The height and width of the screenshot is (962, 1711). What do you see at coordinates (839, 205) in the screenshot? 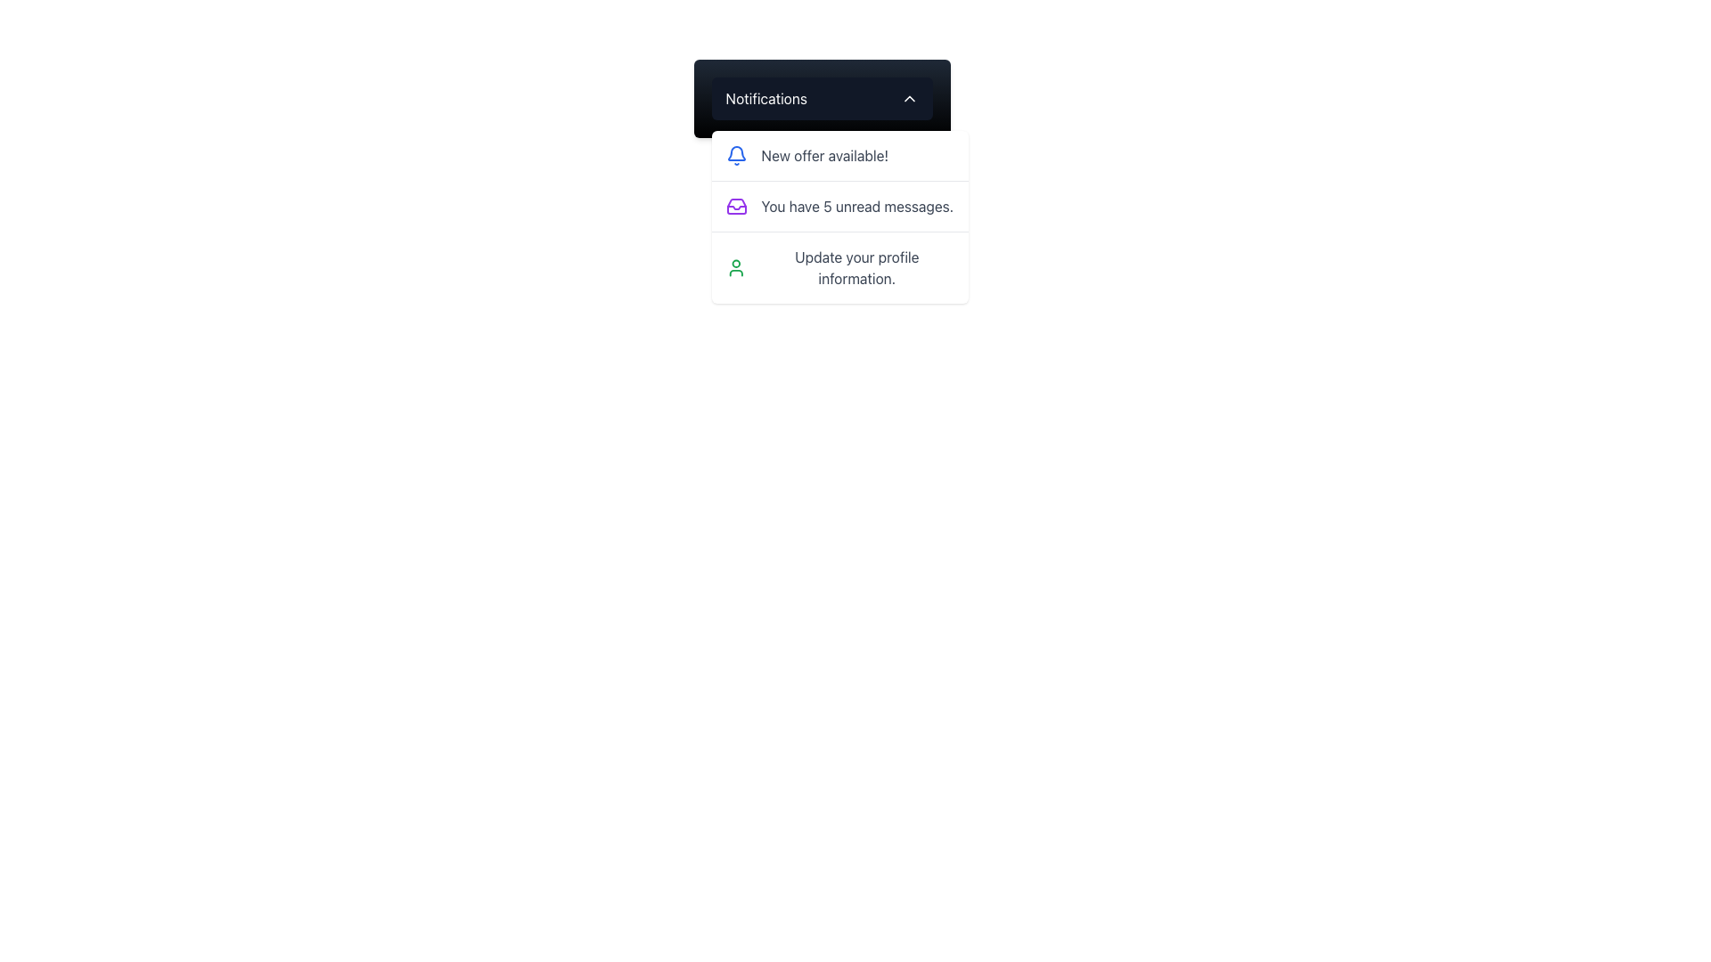
I see `the text with a mailbox icon that indicates 'You have 5 unread messages.' positioned in the dropdown menu` at bounding box center [839, 205].